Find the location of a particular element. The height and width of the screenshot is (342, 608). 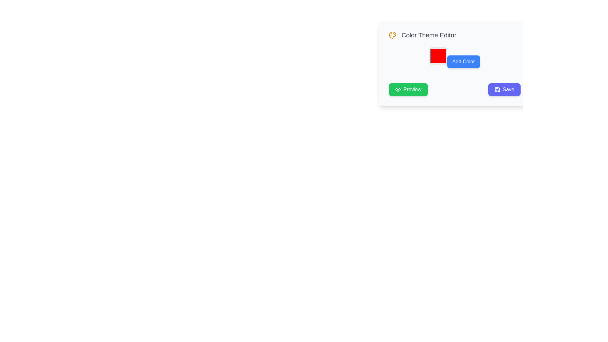

the save icon located on the left side of the 'Save' button in the bottom-right quadrant of the visible card is located at coordinates (497, 89).